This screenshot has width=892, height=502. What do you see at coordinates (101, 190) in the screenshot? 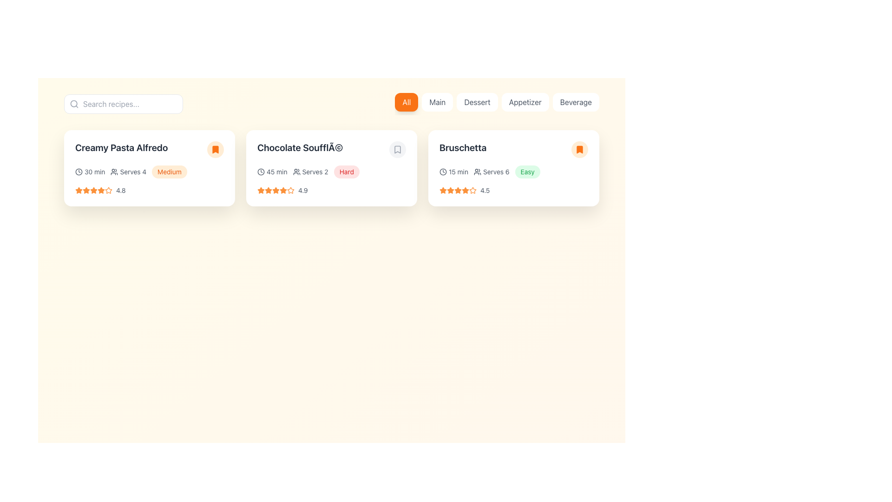
I see `the fifth star icon representing the rating for the 'Creamy Pasta Alfredo' recipe to interact with it` at bounding box center [101, 190].